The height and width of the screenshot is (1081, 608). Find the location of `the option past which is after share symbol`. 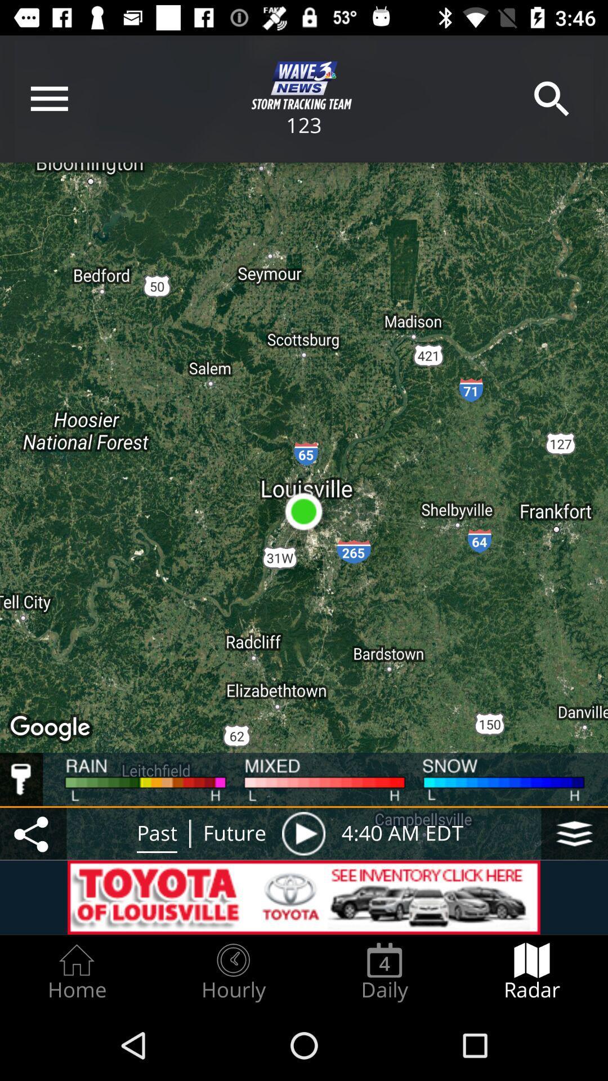

the option past which is after share symbol is located at coordinates (157, 834).